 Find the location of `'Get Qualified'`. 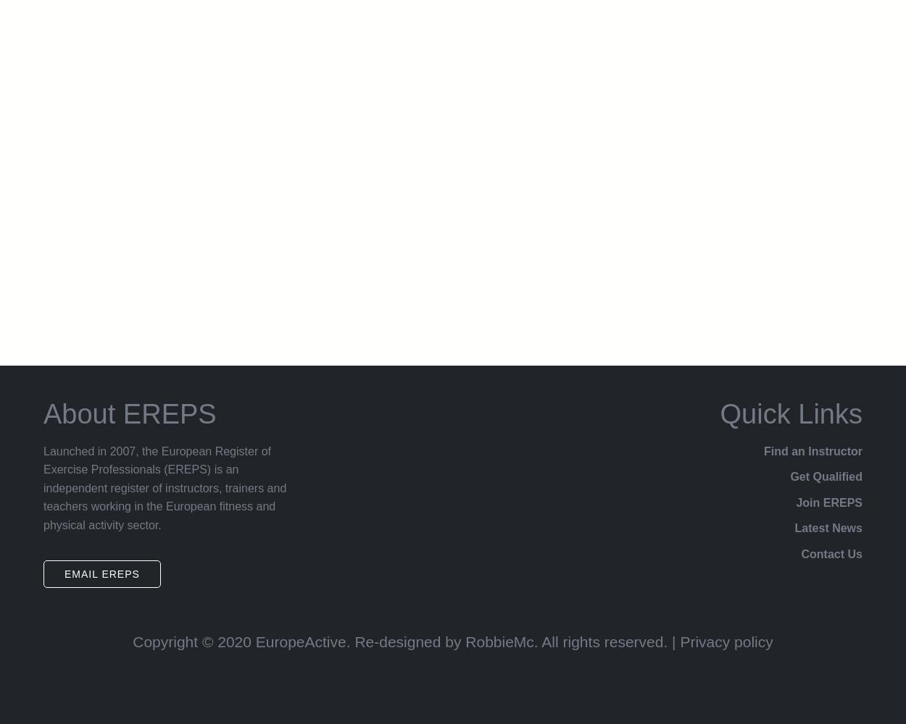

'Get Qualified' is located at coordinates (789, 476).